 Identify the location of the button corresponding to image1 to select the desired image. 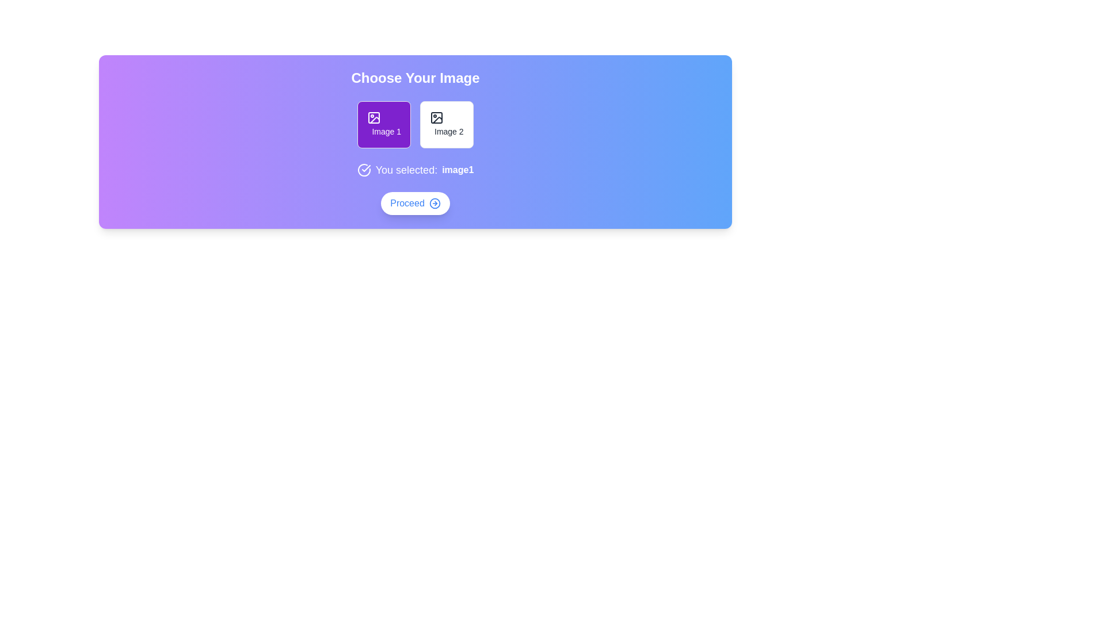
(384, 124).